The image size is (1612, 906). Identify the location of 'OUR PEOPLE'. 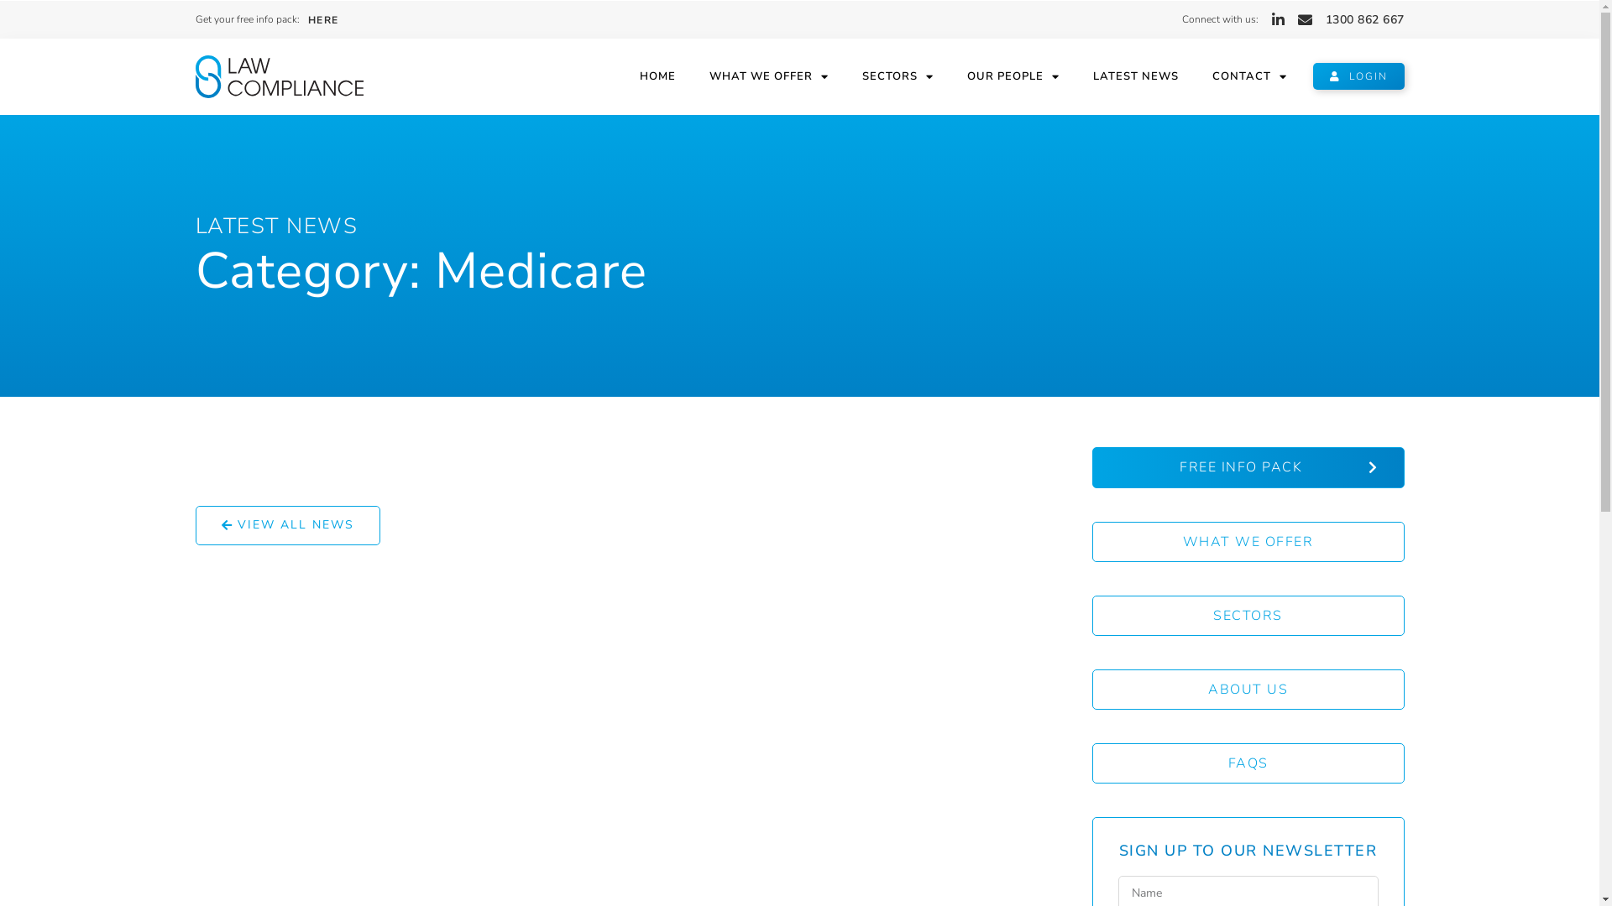
(950, 76).